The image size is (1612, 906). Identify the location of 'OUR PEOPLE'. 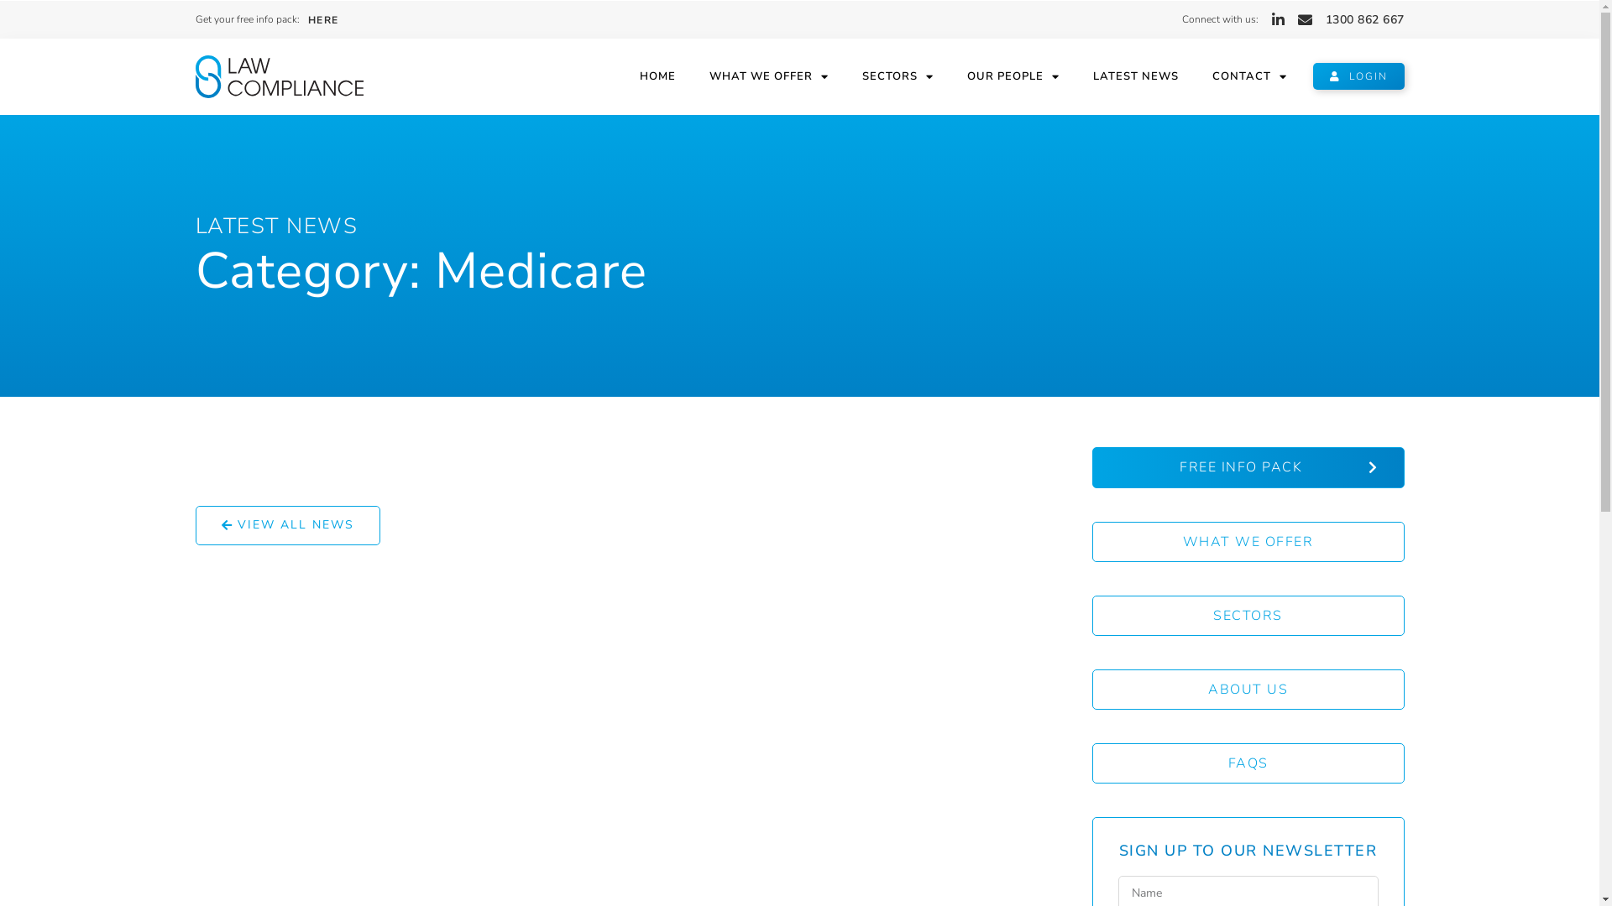
(950, 76).